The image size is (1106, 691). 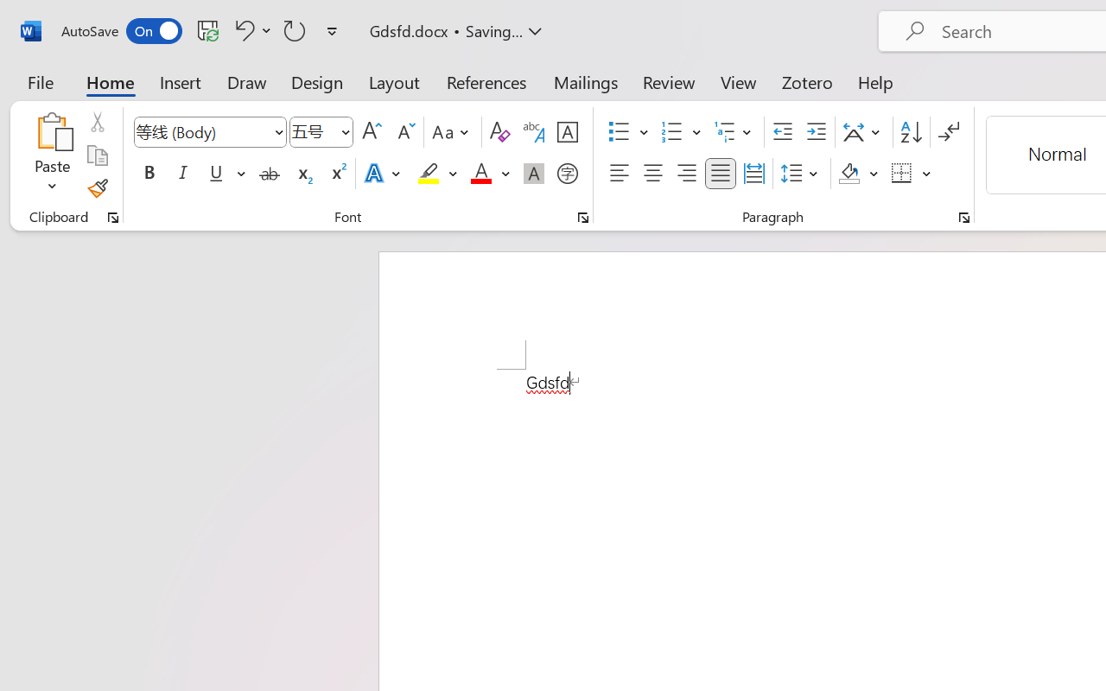 What do you see at coordinates (112, 217) in the screenshot?
I see `'Office Clipboard...'` at bounding box center [112, 217].